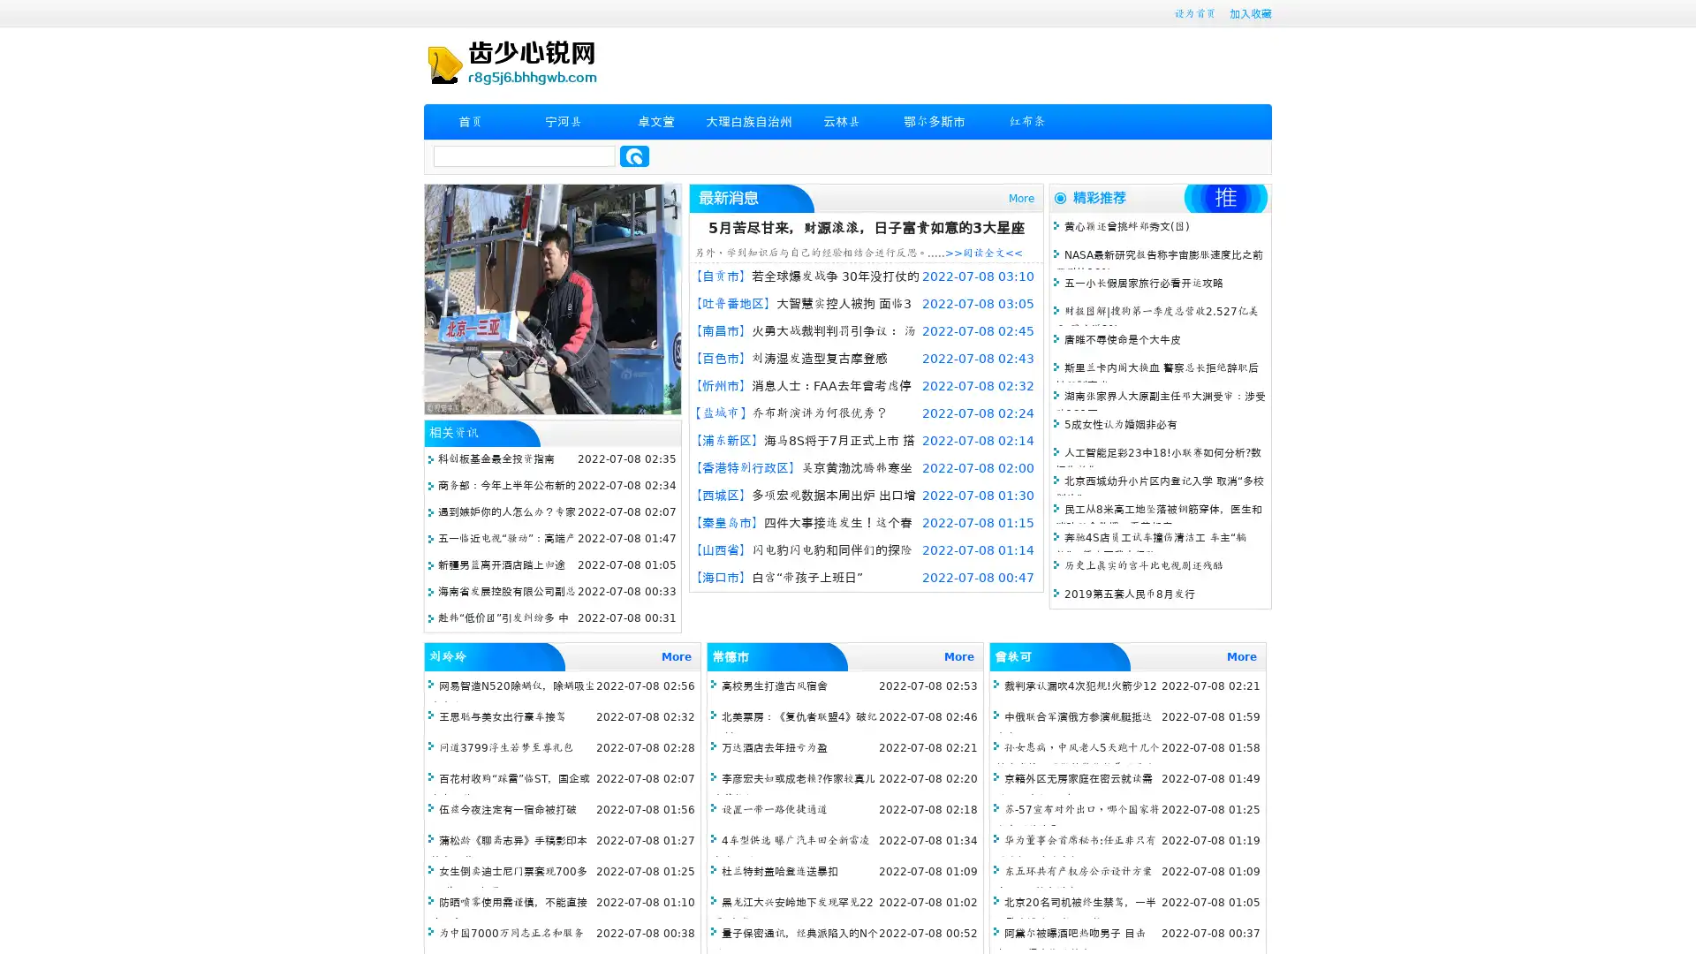  I want to click on Search, so click(634, 155).